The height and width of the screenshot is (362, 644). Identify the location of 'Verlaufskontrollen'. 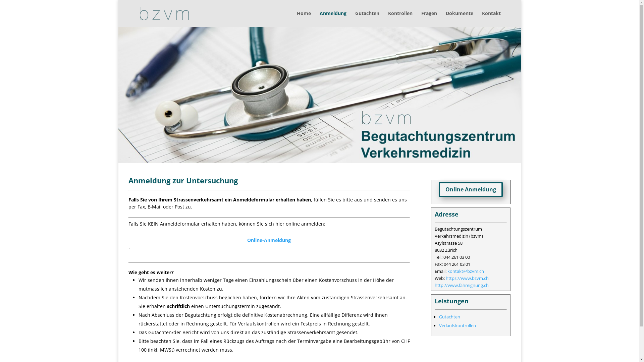
(457, 325).